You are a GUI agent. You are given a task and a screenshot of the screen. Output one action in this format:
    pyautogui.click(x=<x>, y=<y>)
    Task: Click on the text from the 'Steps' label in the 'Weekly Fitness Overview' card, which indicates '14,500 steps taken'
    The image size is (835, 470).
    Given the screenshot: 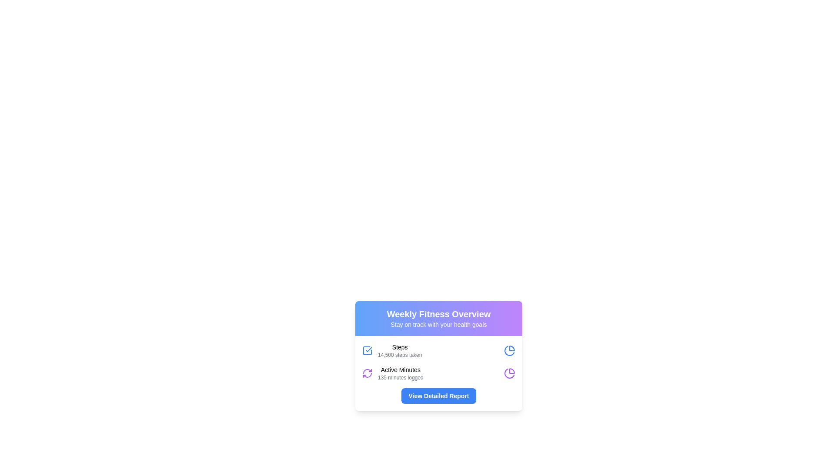 What is the action you would take?
    pyautogui.click(x=399, y=350)
    